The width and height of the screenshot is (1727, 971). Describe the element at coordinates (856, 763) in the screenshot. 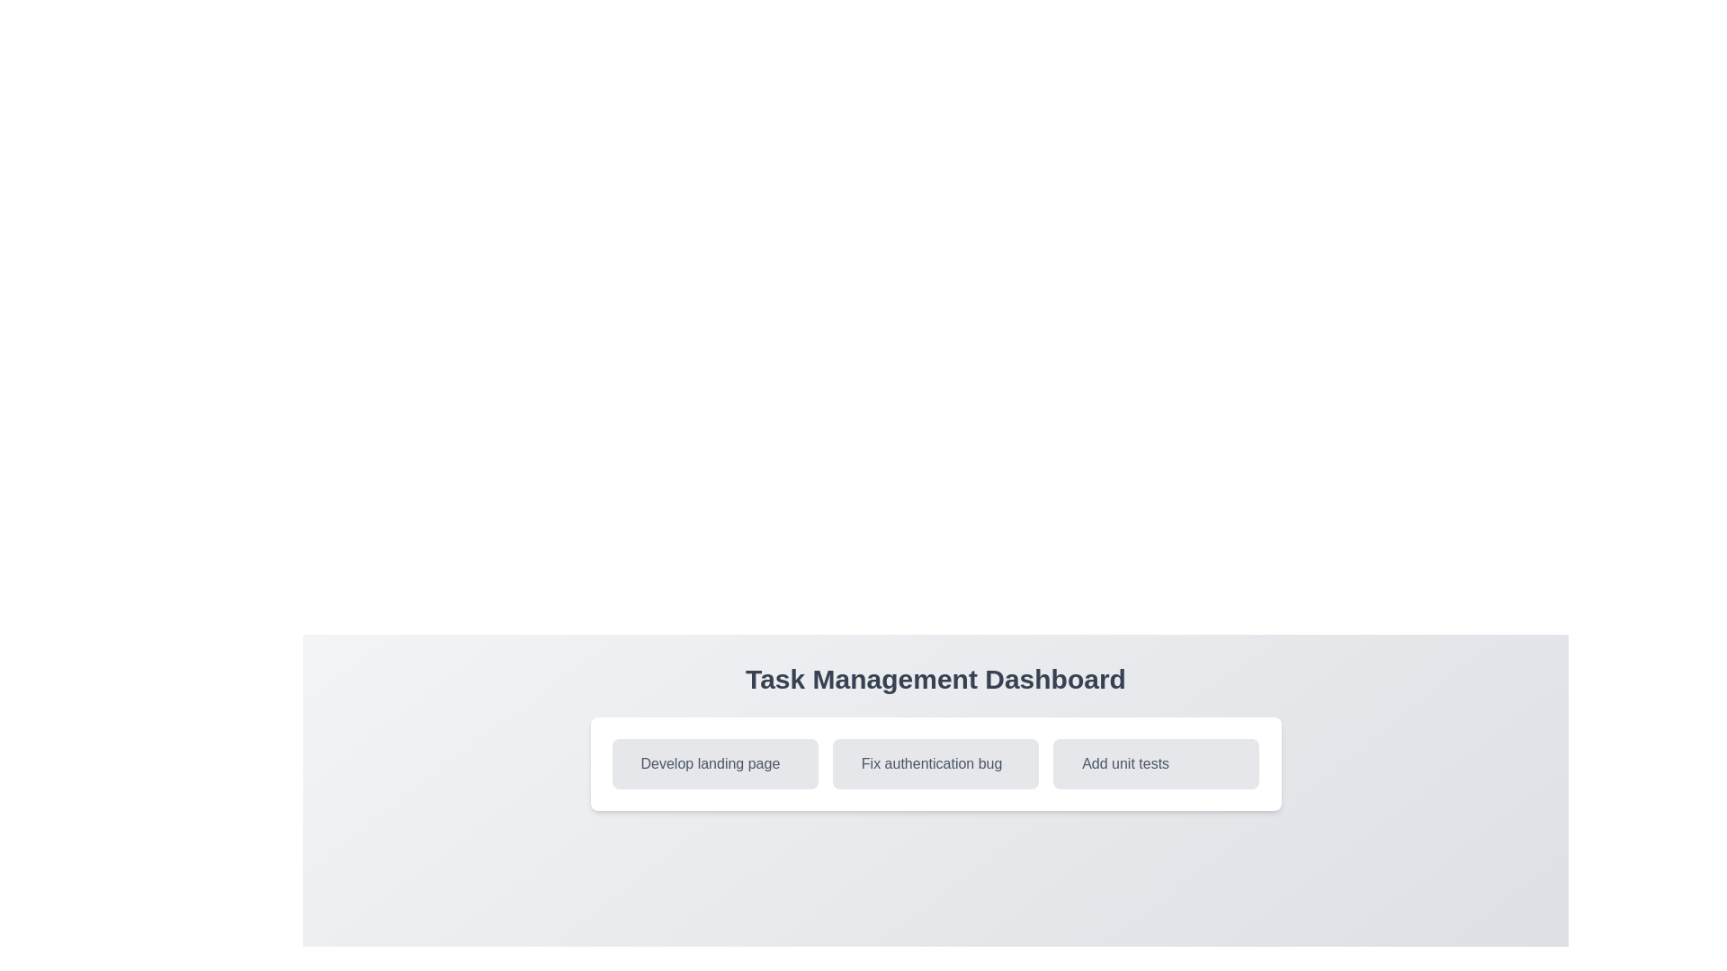

I see `the icon within the second button labeled 'Fix authentication bug', which serves as a status or action indicator for that task` at that location.